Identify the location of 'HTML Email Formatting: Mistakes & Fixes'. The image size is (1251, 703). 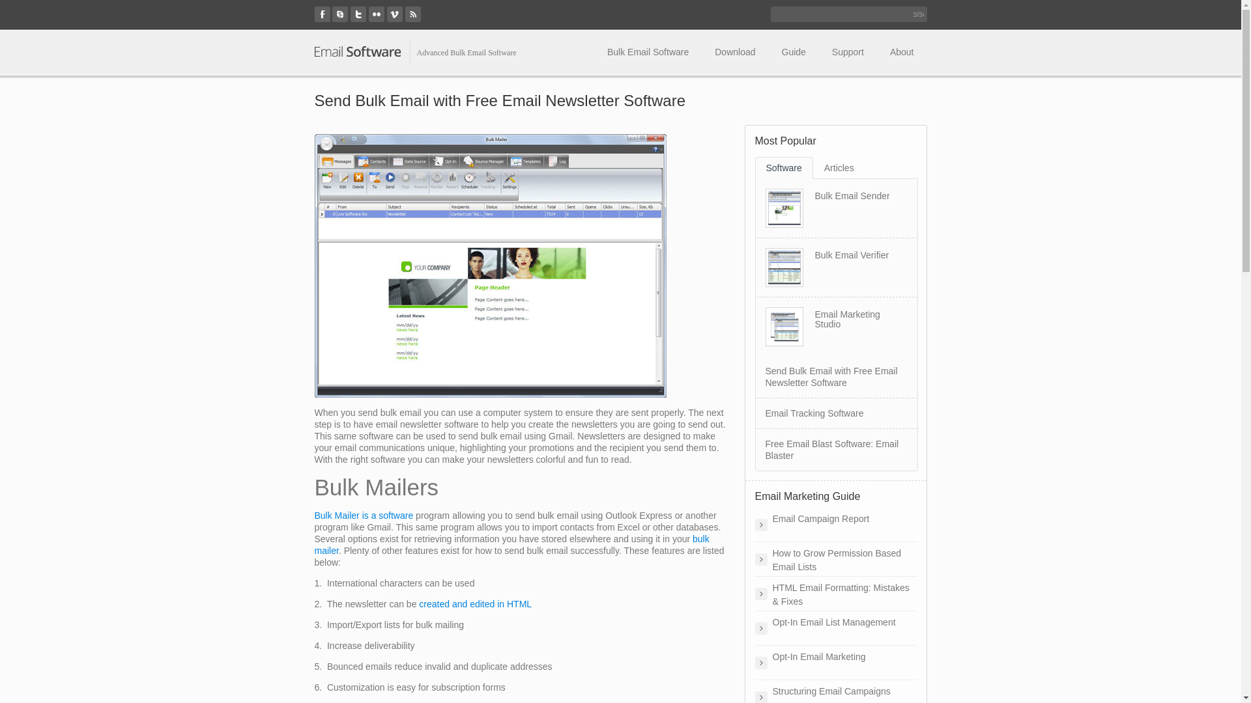
(835, 593).